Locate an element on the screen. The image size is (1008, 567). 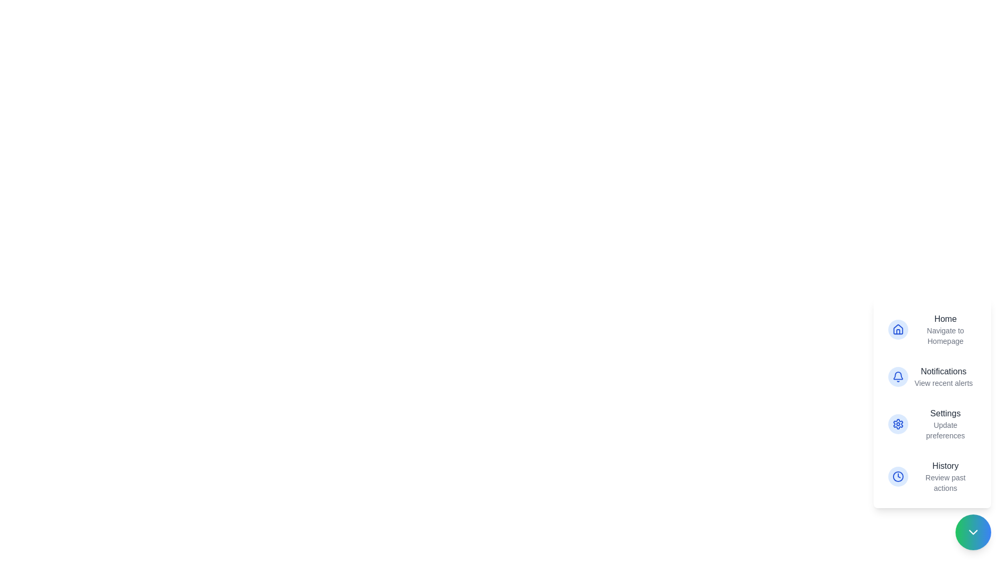
the action item corresponding to History is located at coordinates (932, 476).